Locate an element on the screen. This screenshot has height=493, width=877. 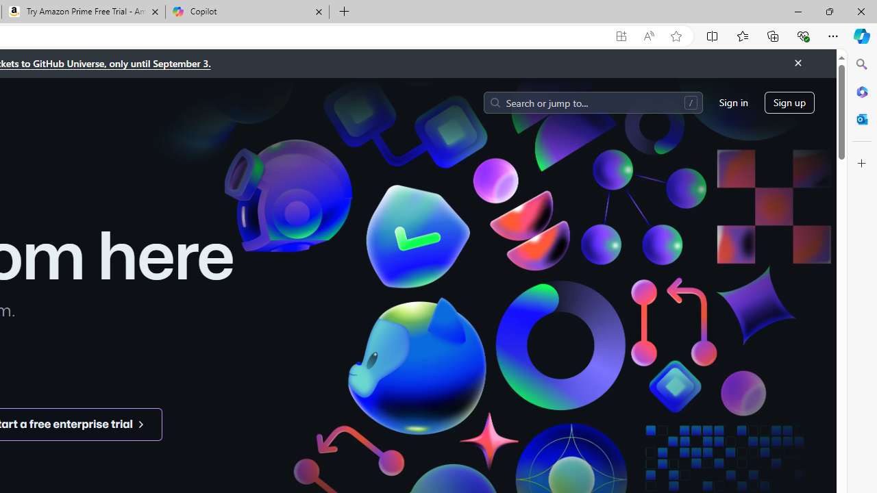
'Split screen' is located at coordinates (713, 35).